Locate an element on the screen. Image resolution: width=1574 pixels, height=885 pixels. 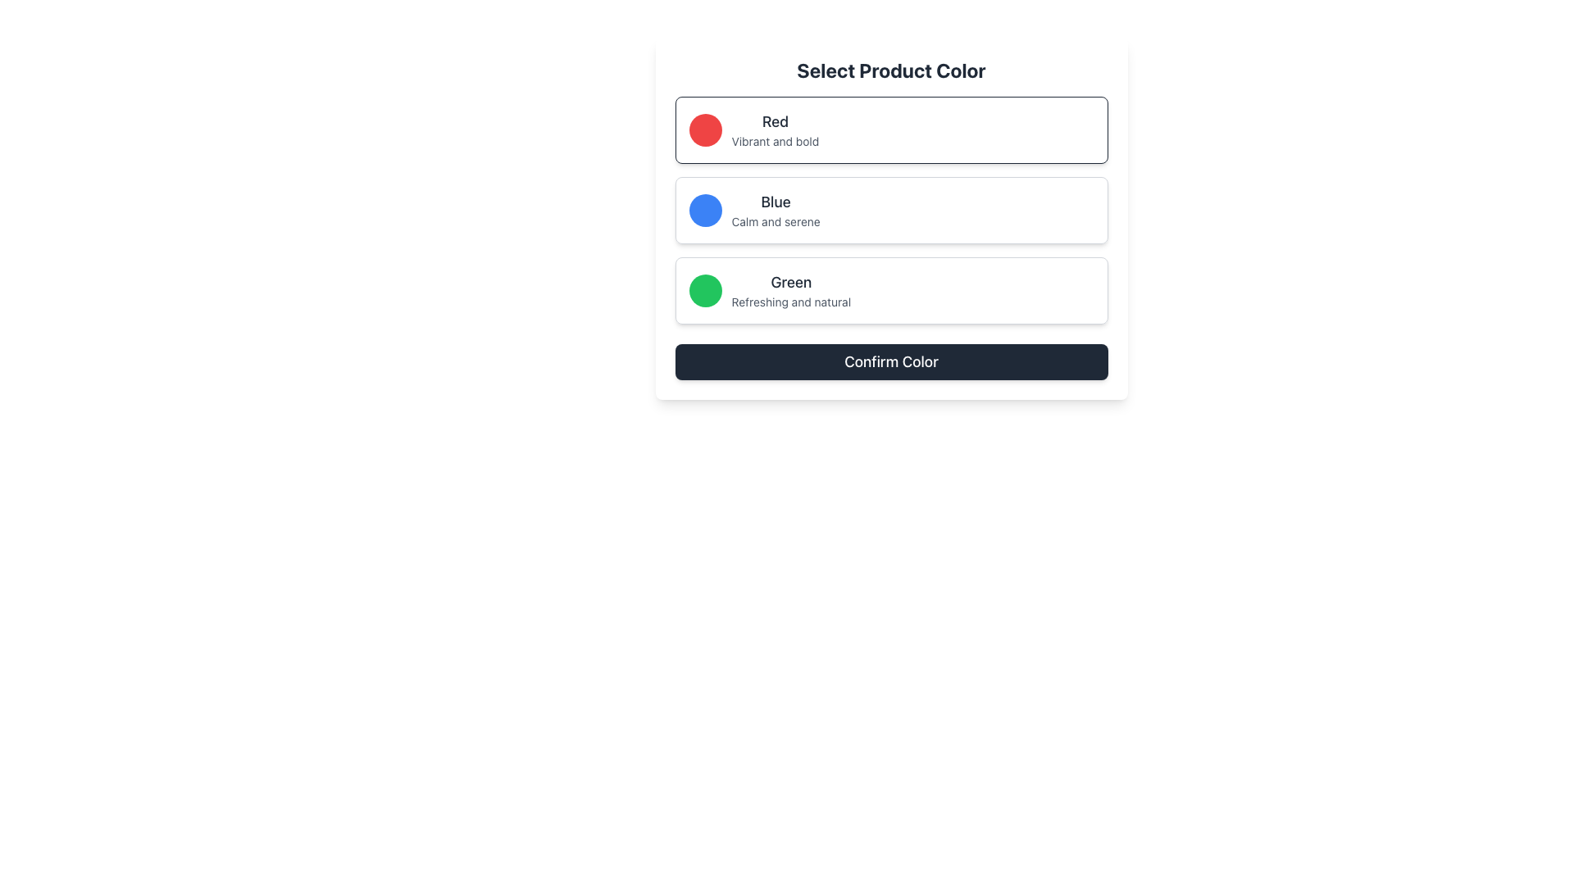
the Text Label that describes the 'Green' selection option, which is centered within its selection card and is the textual description of the third selection option is located at coordinates (791, 289).